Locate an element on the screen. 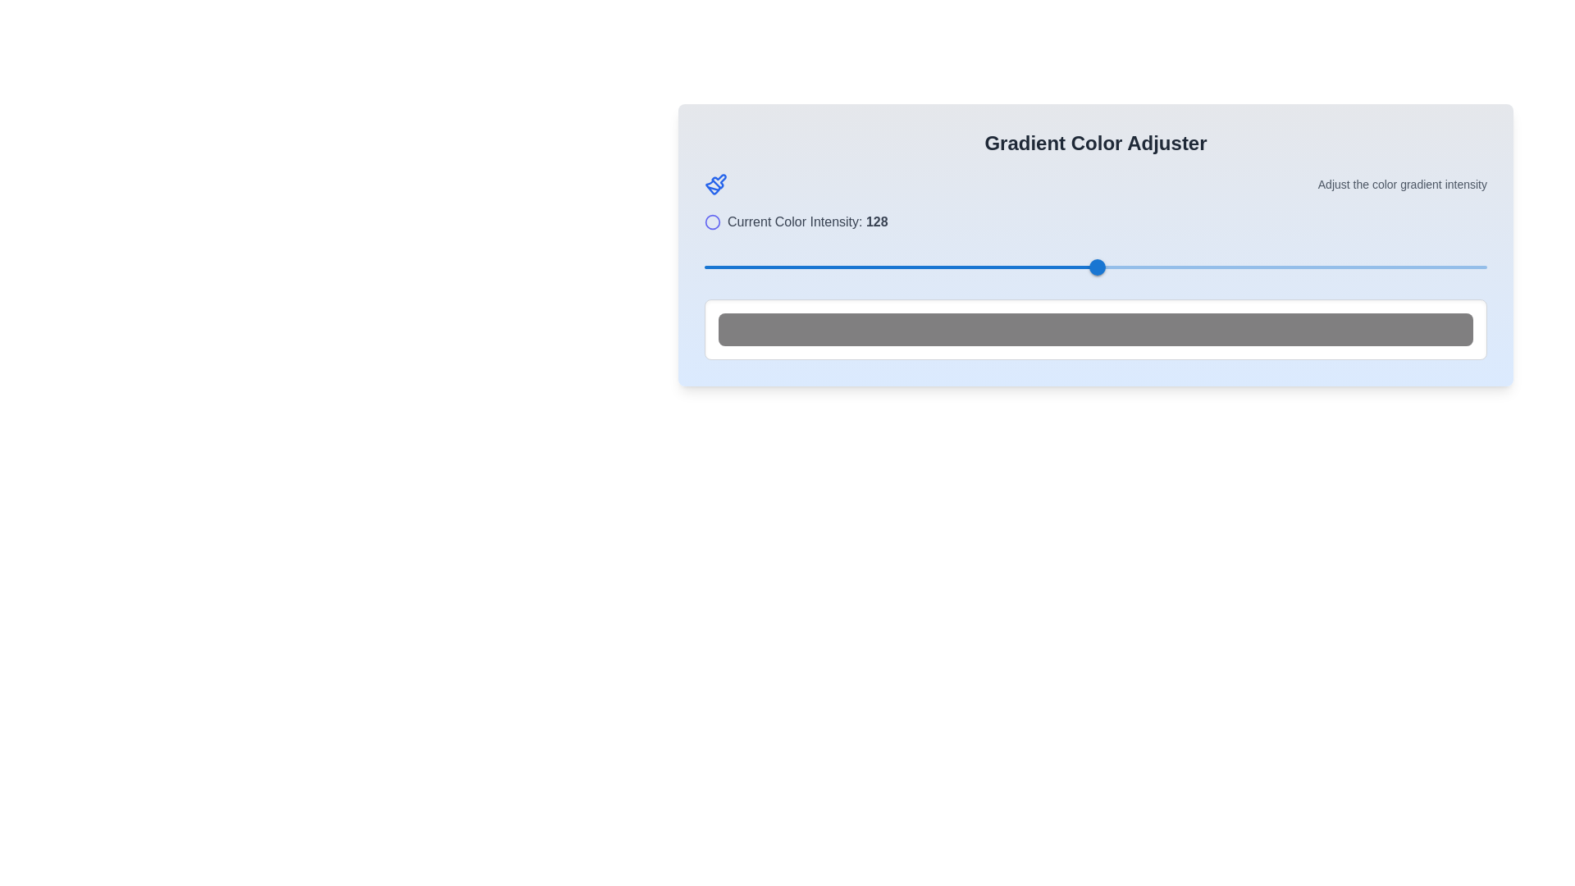 The height and width of the screenshot is (886, 1575). the gradient color intensity is located at coordinates (1072, 267).